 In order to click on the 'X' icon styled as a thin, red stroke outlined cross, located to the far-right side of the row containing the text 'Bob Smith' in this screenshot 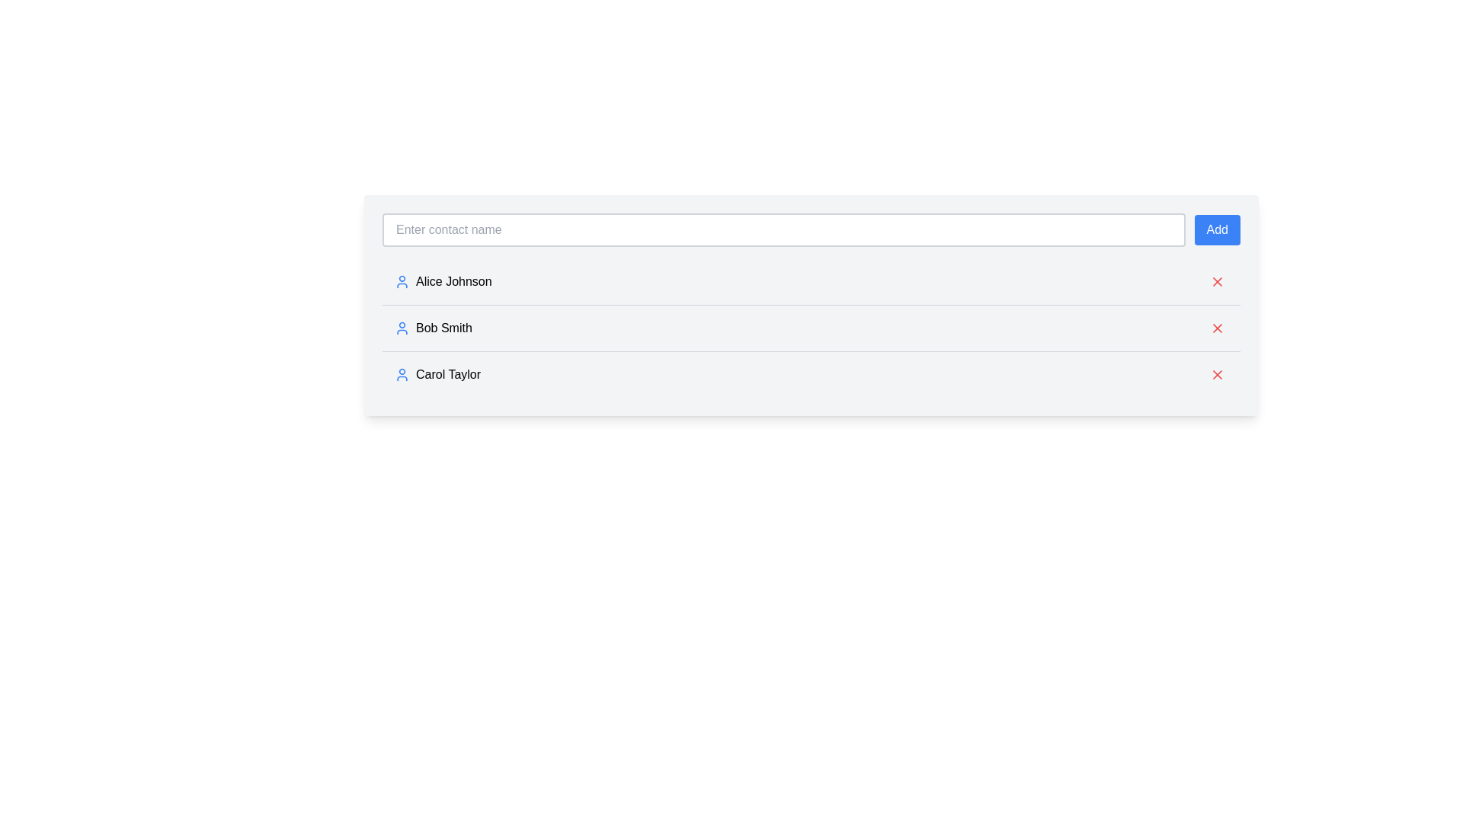, I will do `click(1217, 328)`.